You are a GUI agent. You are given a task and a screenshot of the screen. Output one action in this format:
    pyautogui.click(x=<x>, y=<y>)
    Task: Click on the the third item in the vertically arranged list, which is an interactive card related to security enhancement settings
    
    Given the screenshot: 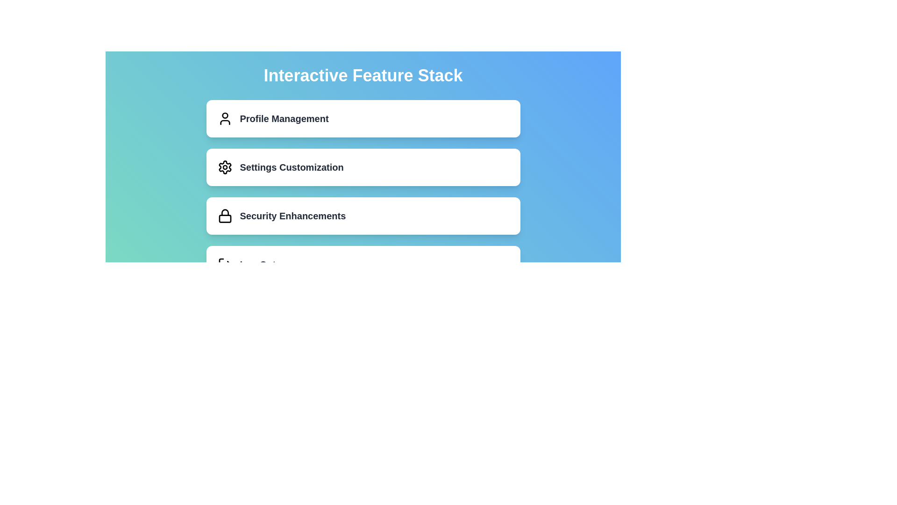 What is the action you would take?
    pyautogui.click(x=363, y=216)
    